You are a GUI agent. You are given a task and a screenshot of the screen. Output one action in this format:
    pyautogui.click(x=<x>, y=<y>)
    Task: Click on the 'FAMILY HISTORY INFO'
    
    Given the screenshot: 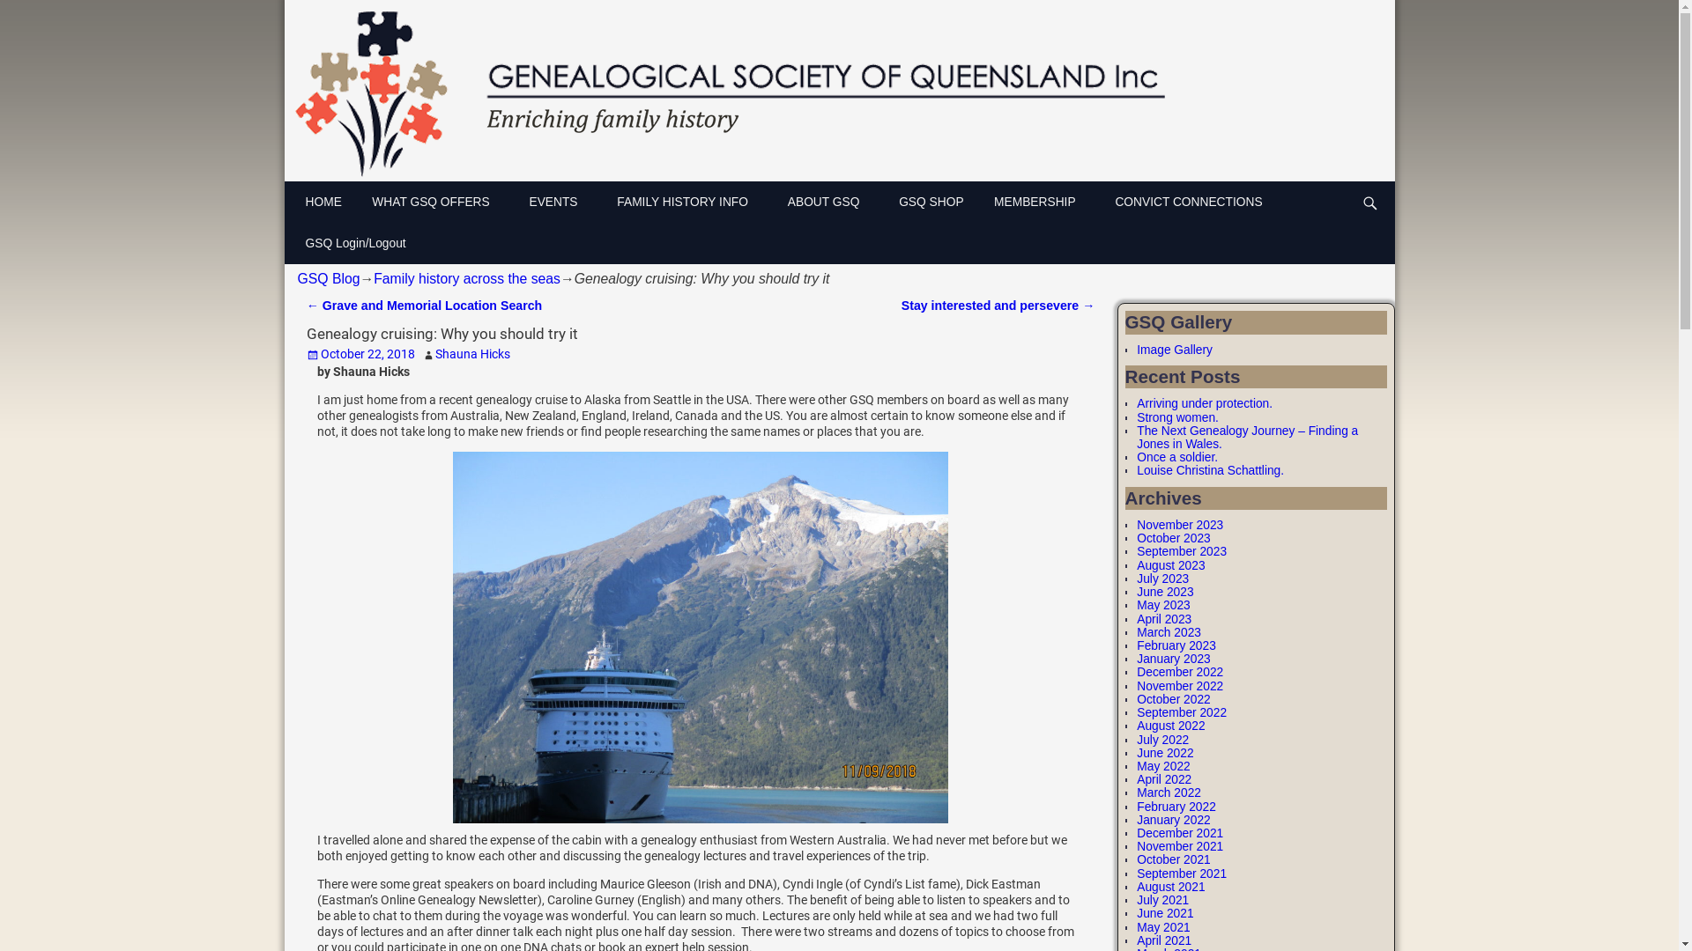 What is the action you would take?
    pyautogui.click(x=692, y=201)
    